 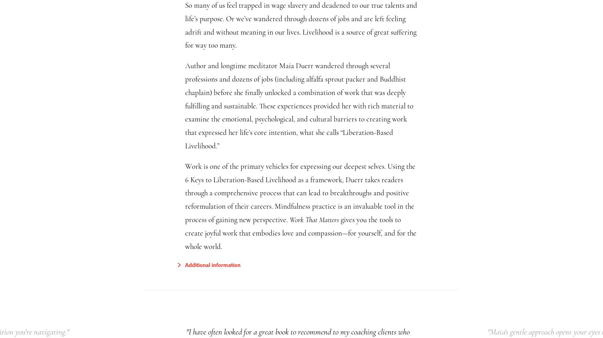 I want to click on 'Questions about your order?', so click(x=408, y=95).